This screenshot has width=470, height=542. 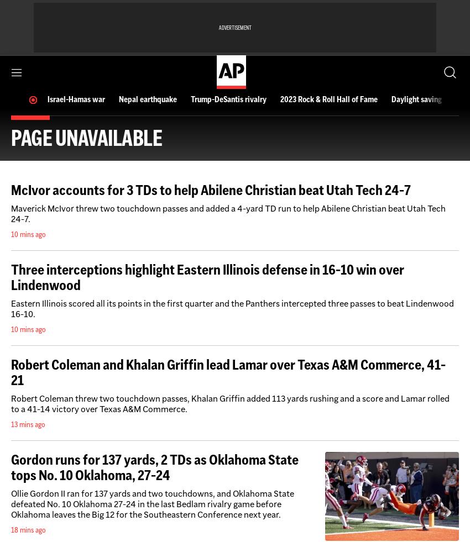 What do you see at coordinates (10, 504) in the screenshot?
I see `'Ollie Gordon II ran for 137 yards and two touchdowns, and Oklahoma State defeated No. 10 Oklahoma 27-24 in the last Bedlam rivalry game before Oklahoma leaves the Big 12 for the Southeastern Conference next year.'` at bounding box center [10, 504].